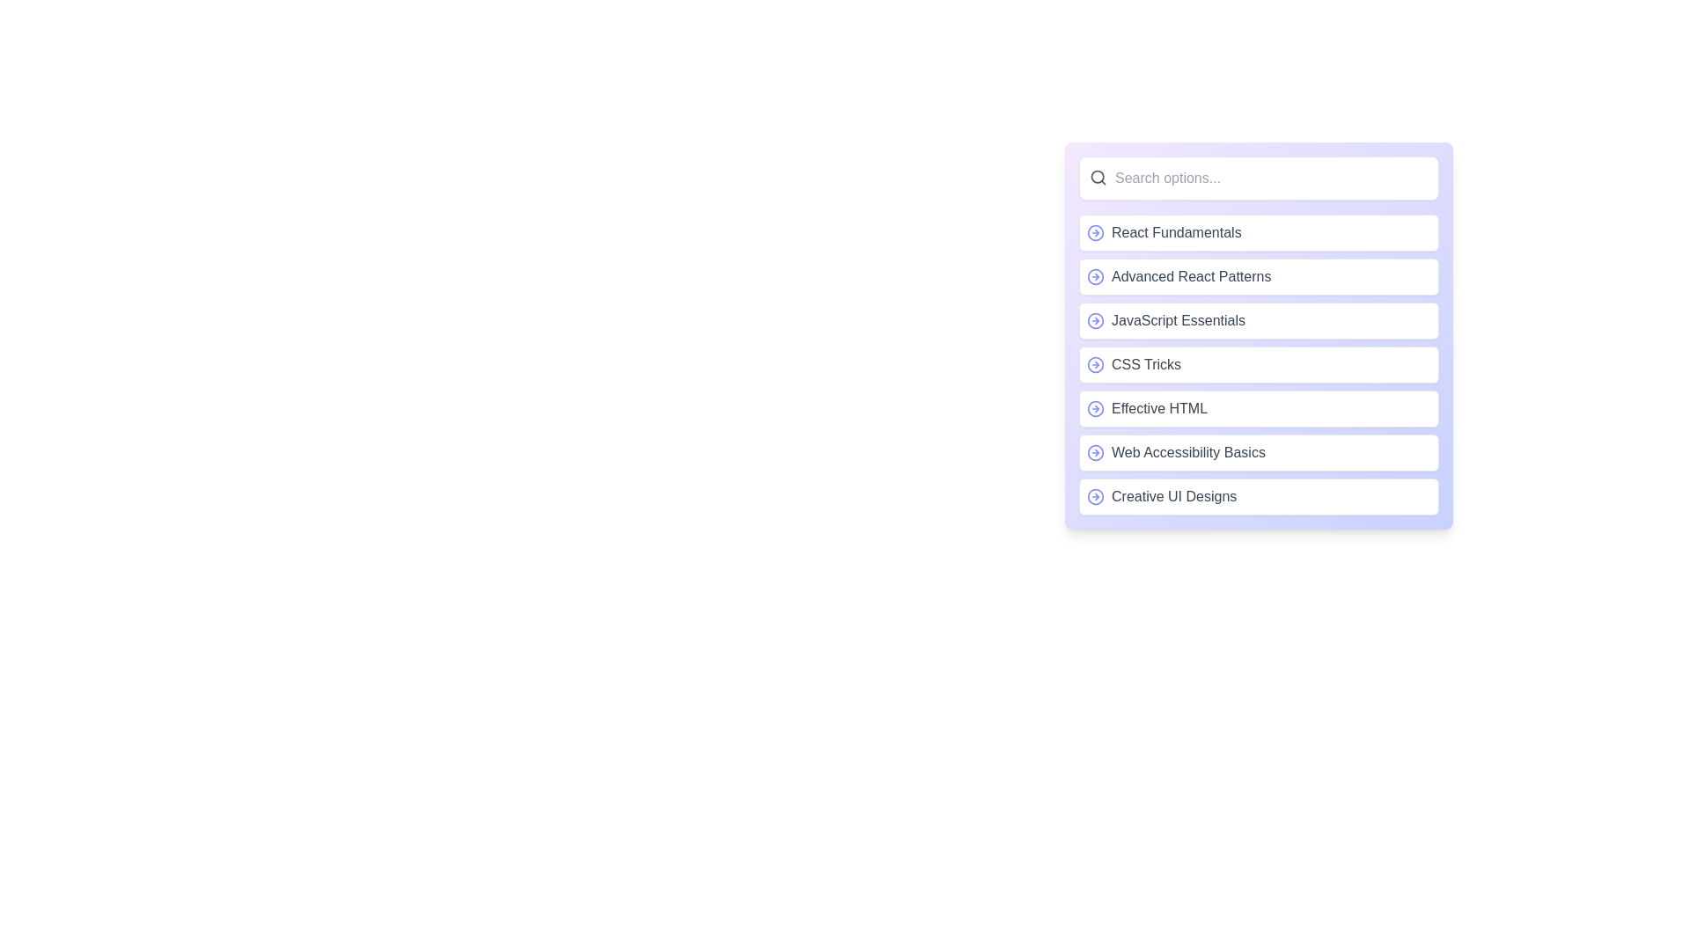 This screenshot has height=950, width=1690. I want to click on the circular icon with a right-pointing arrow located to the left of the 'Web Accessibility Basics' menu item, so click(1094, 452).